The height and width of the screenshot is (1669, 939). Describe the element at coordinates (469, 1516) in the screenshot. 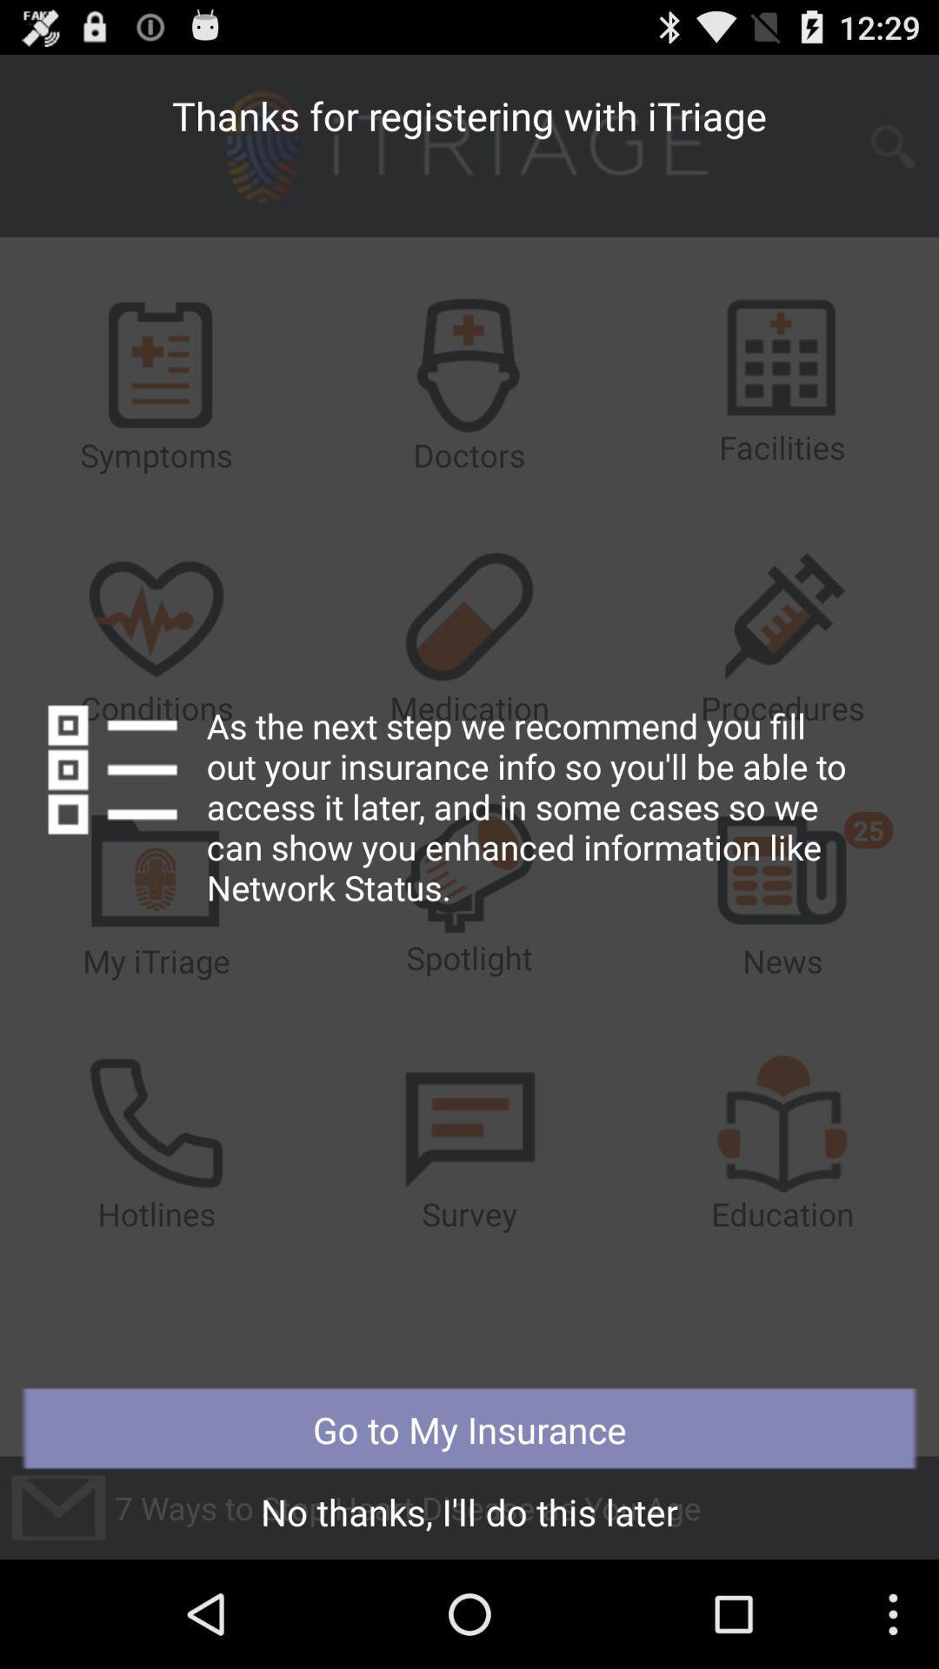

I see `the no thanks i item` at that location.